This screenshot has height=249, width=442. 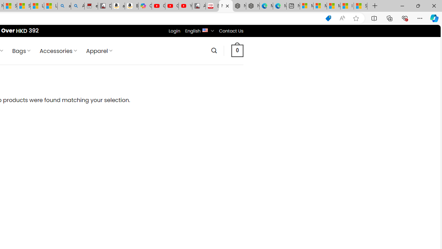 What do you see at coordinates (238, 50) in the screenshot?
I see `'  0  '` at bounding box center [238, 50].